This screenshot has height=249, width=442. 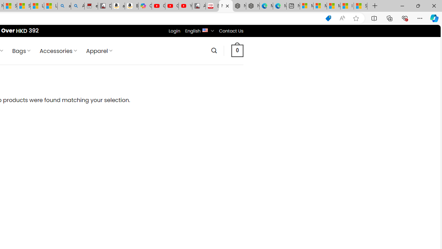 What do you see at coordinates (238, 50) in the screenshot?
I see `'  0  '` at bounding box center [238, 50].